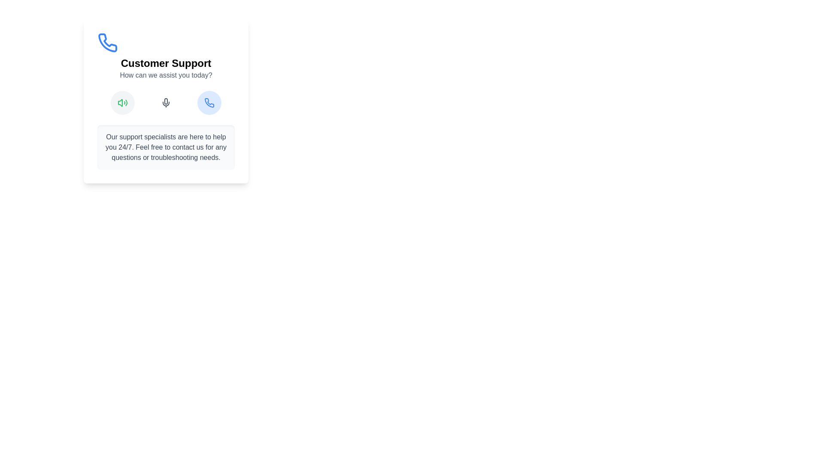 The height and width of the screenshot is (463, 824). I want to click on the microphone icon located between the loudspeaker icon and the phone receiver icon under 'How can we assist you today?', so click(166, 101).